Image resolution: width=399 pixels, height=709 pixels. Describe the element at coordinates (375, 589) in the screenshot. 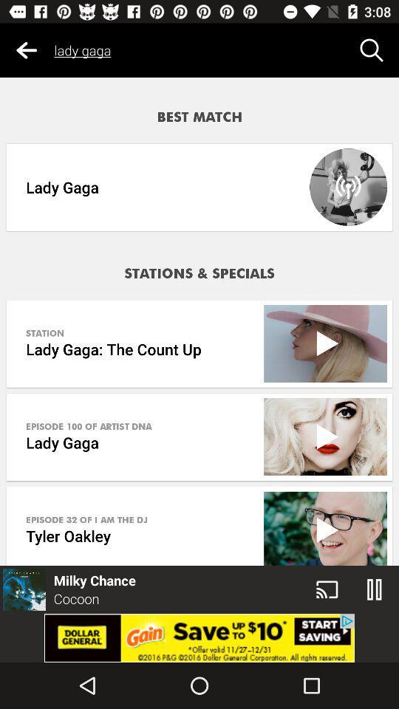

I see `the pause icon` at that location.